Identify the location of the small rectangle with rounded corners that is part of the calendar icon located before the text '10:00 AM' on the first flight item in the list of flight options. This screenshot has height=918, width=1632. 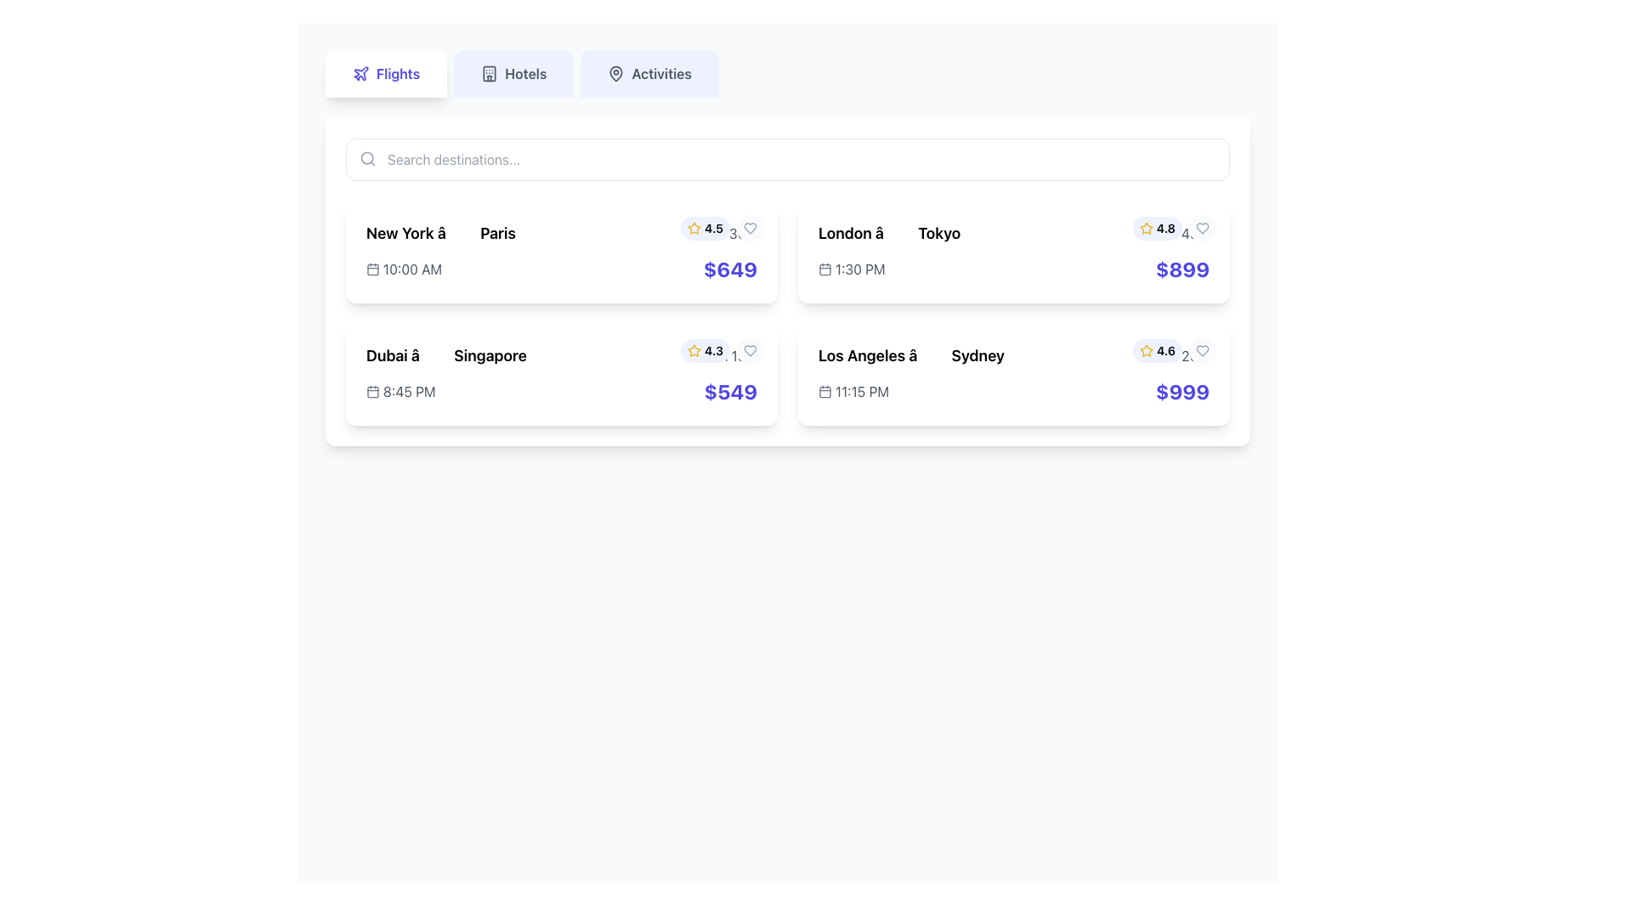
(371, 268).